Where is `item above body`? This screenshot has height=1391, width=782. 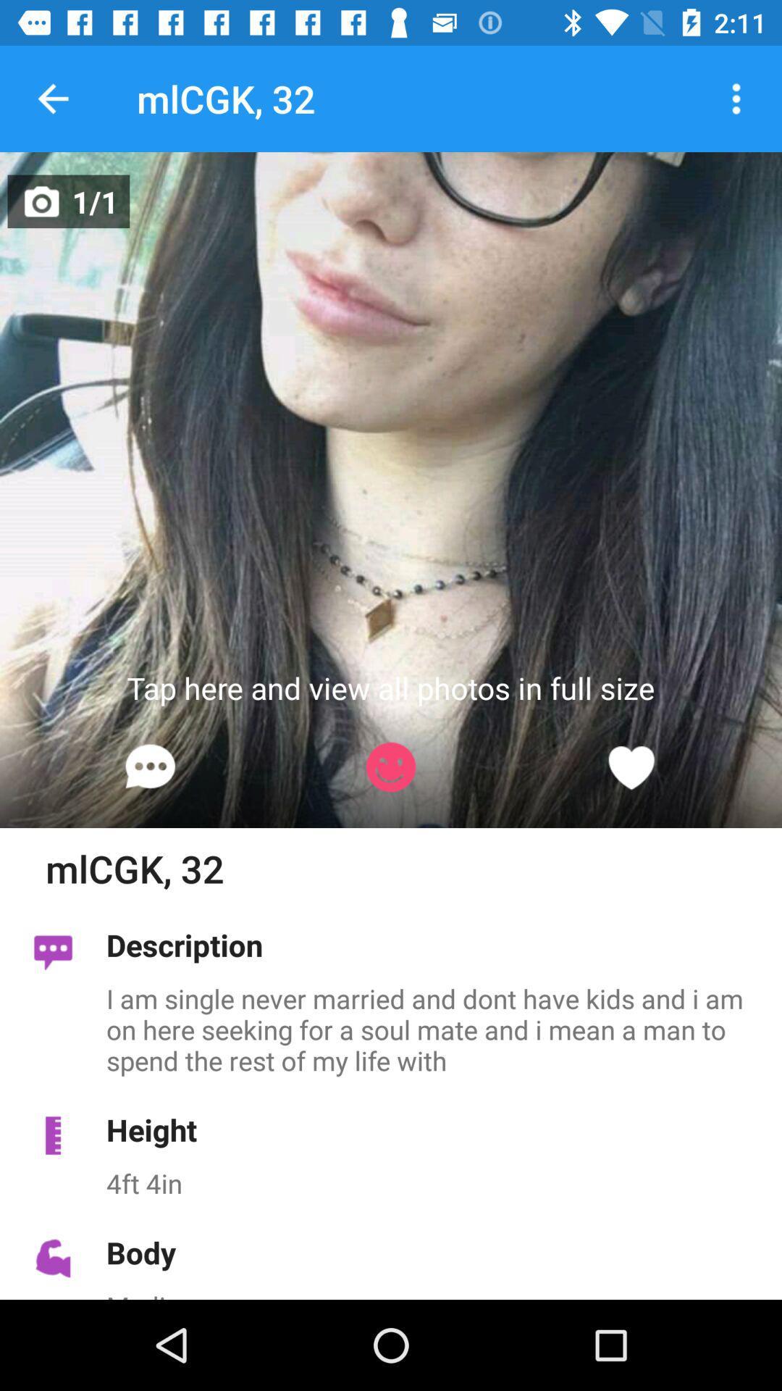
item above body is located at coordinates (435, 1183).